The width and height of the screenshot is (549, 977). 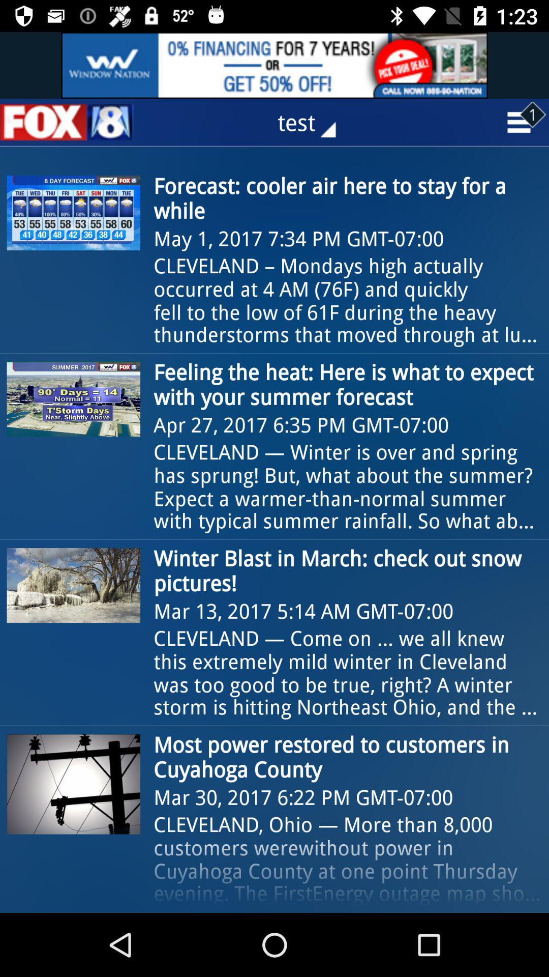 What do you see at coordinates (67, 122) in the screenshot?
I see `the icon to the left of test item` at bounding box center [67, 122].